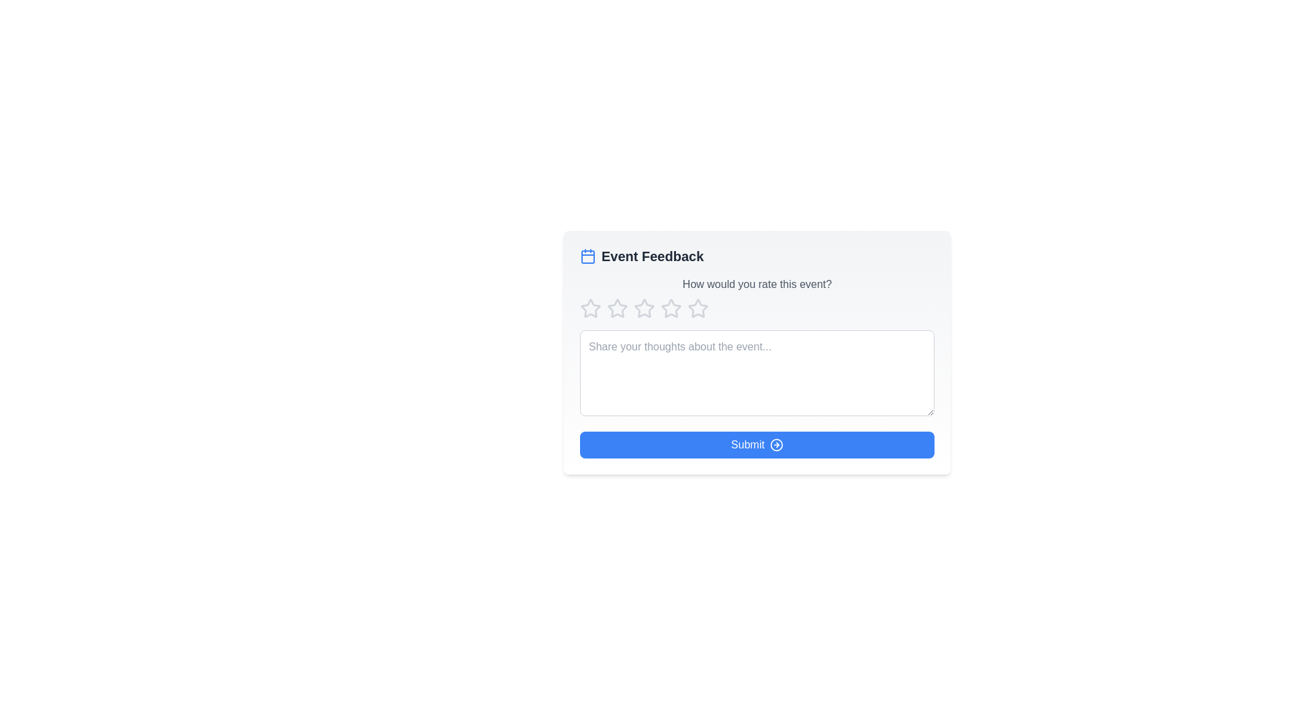 Image resolution: width=1289 pixels, height=725 pixels. I want to click on the 'Submit Feedback' button located at the bottom center of the 'Event Feedback' card, so click(757, 445).